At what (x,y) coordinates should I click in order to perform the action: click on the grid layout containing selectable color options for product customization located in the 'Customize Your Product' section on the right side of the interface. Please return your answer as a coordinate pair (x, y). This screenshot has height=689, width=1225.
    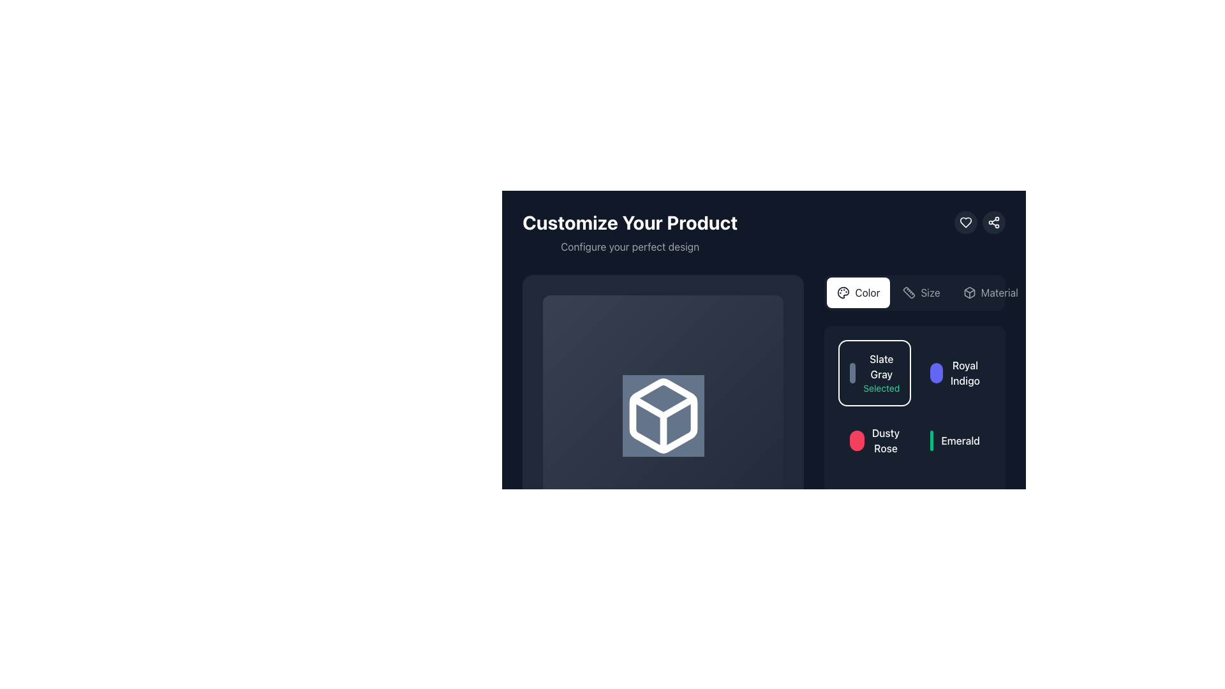
    Looking at the image, I should click on (914, 434).